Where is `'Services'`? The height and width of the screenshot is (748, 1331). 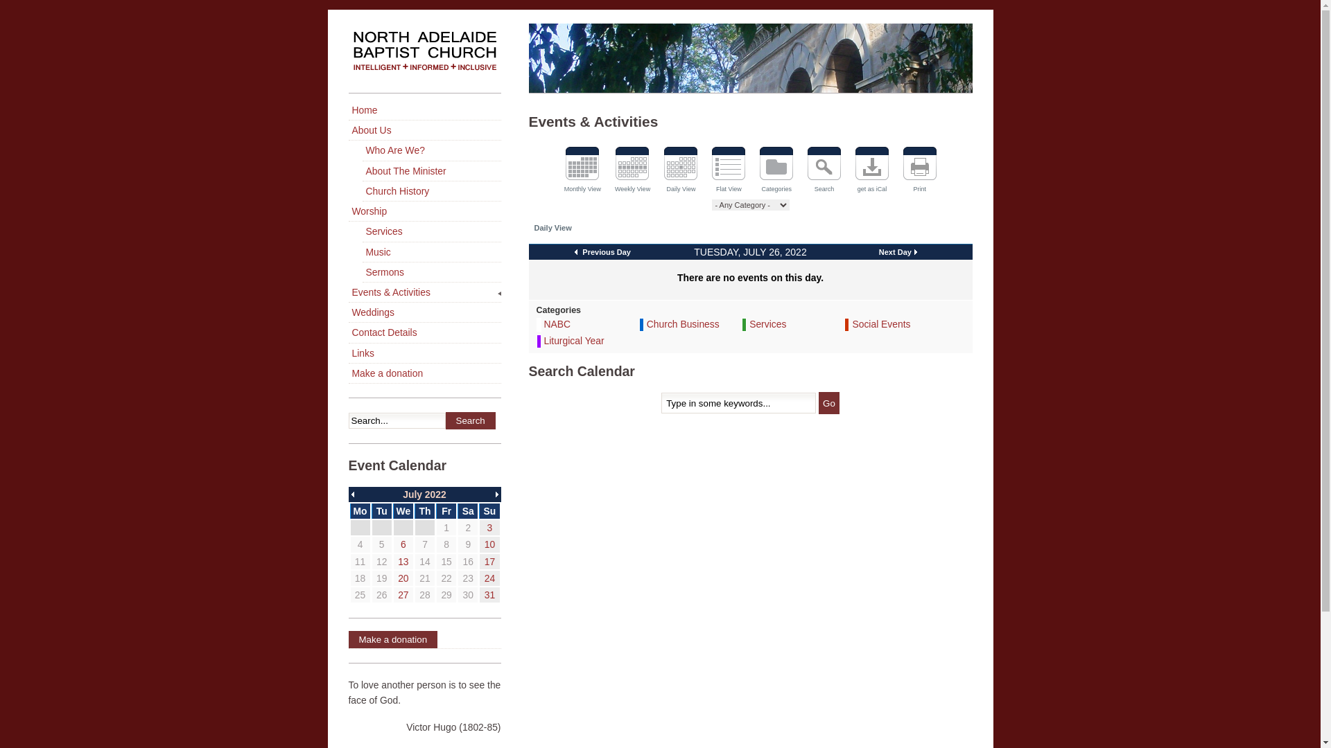 'Services' is located at coordinates (430, 231).